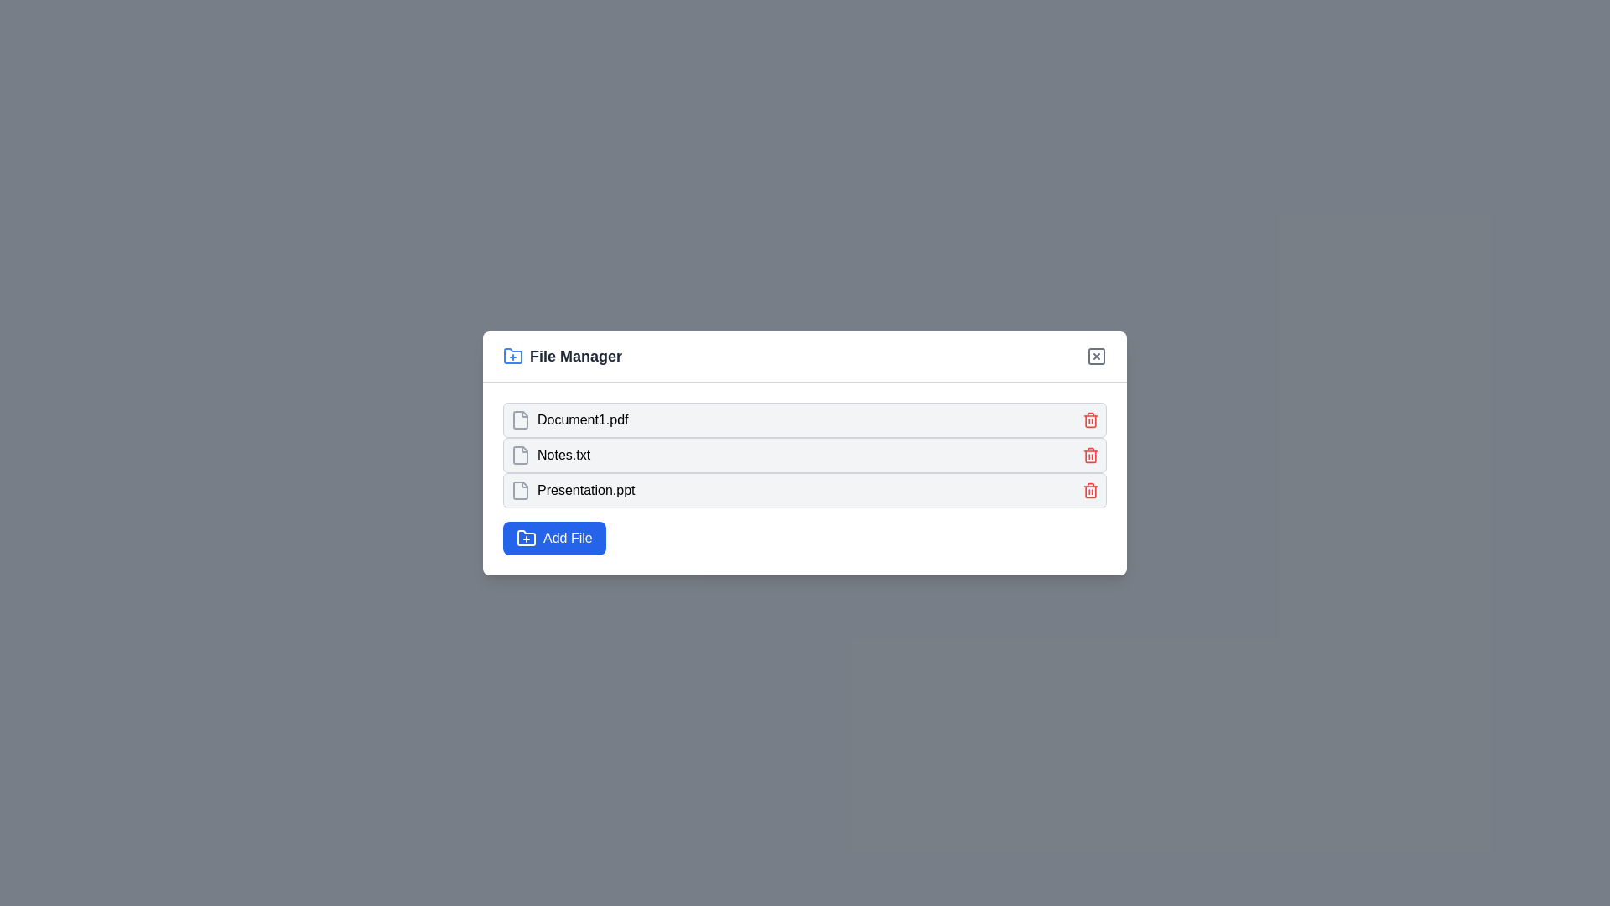 The height and width of the screenshot is (906, 1610). Describe the element at coordinates (519, 419) in the screenshot. I see `the file icon representing 'Document1.pdf' in the file manager widget, which has a gray outline and a minimalist design` at that location.